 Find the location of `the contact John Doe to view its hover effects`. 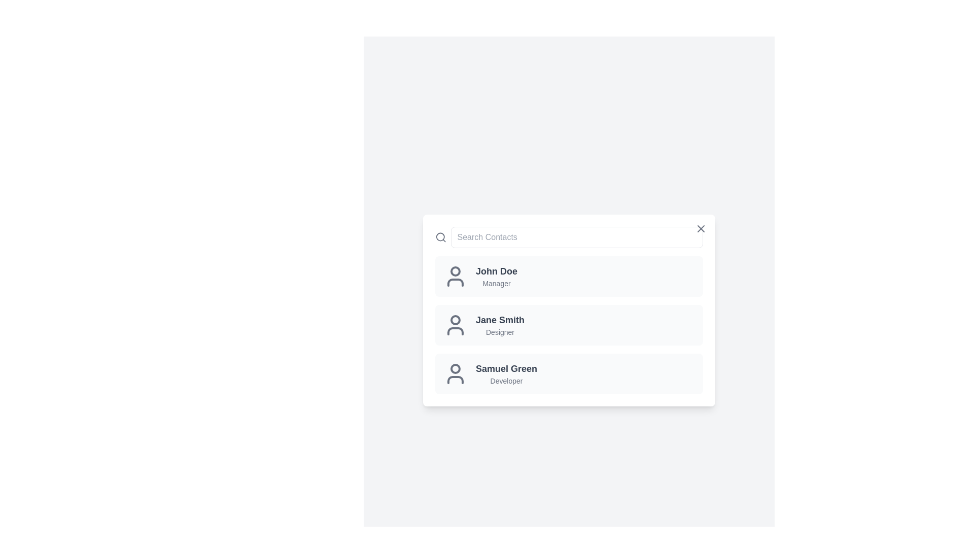

the contact John Doe to view its hover effects is located at coordinates (569, 276).